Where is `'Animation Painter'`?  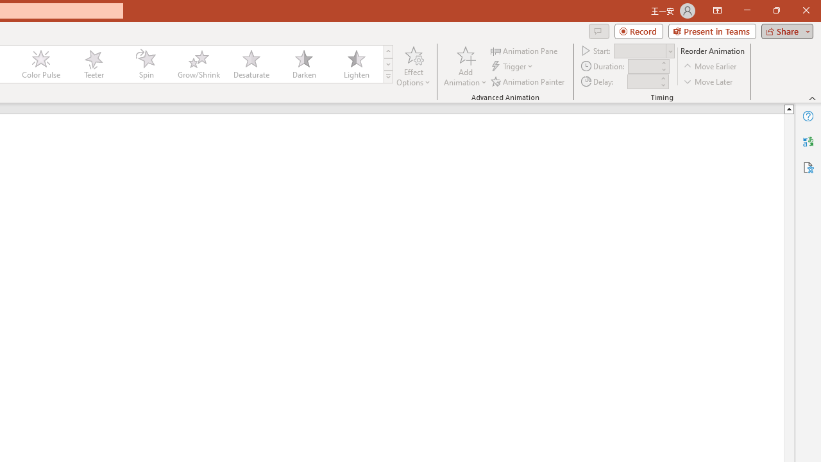 'Animation Painter' is located at coordinates (529, 81).